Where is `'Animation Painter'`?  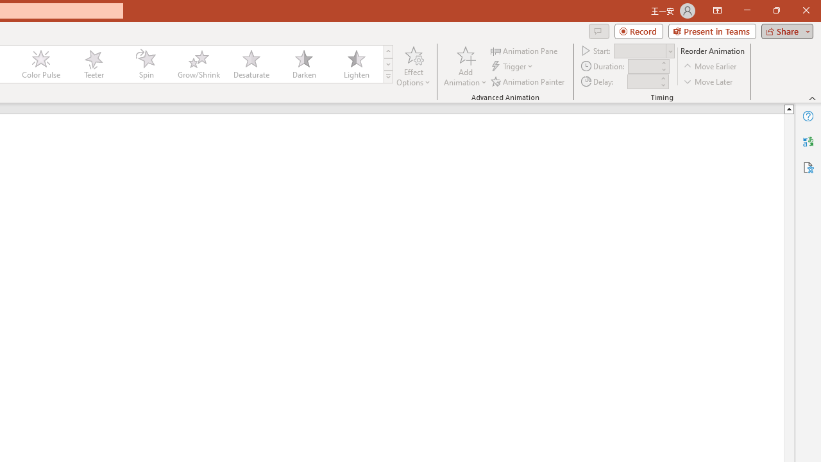 'Animation Painter' is located at coordinates (529, 81).